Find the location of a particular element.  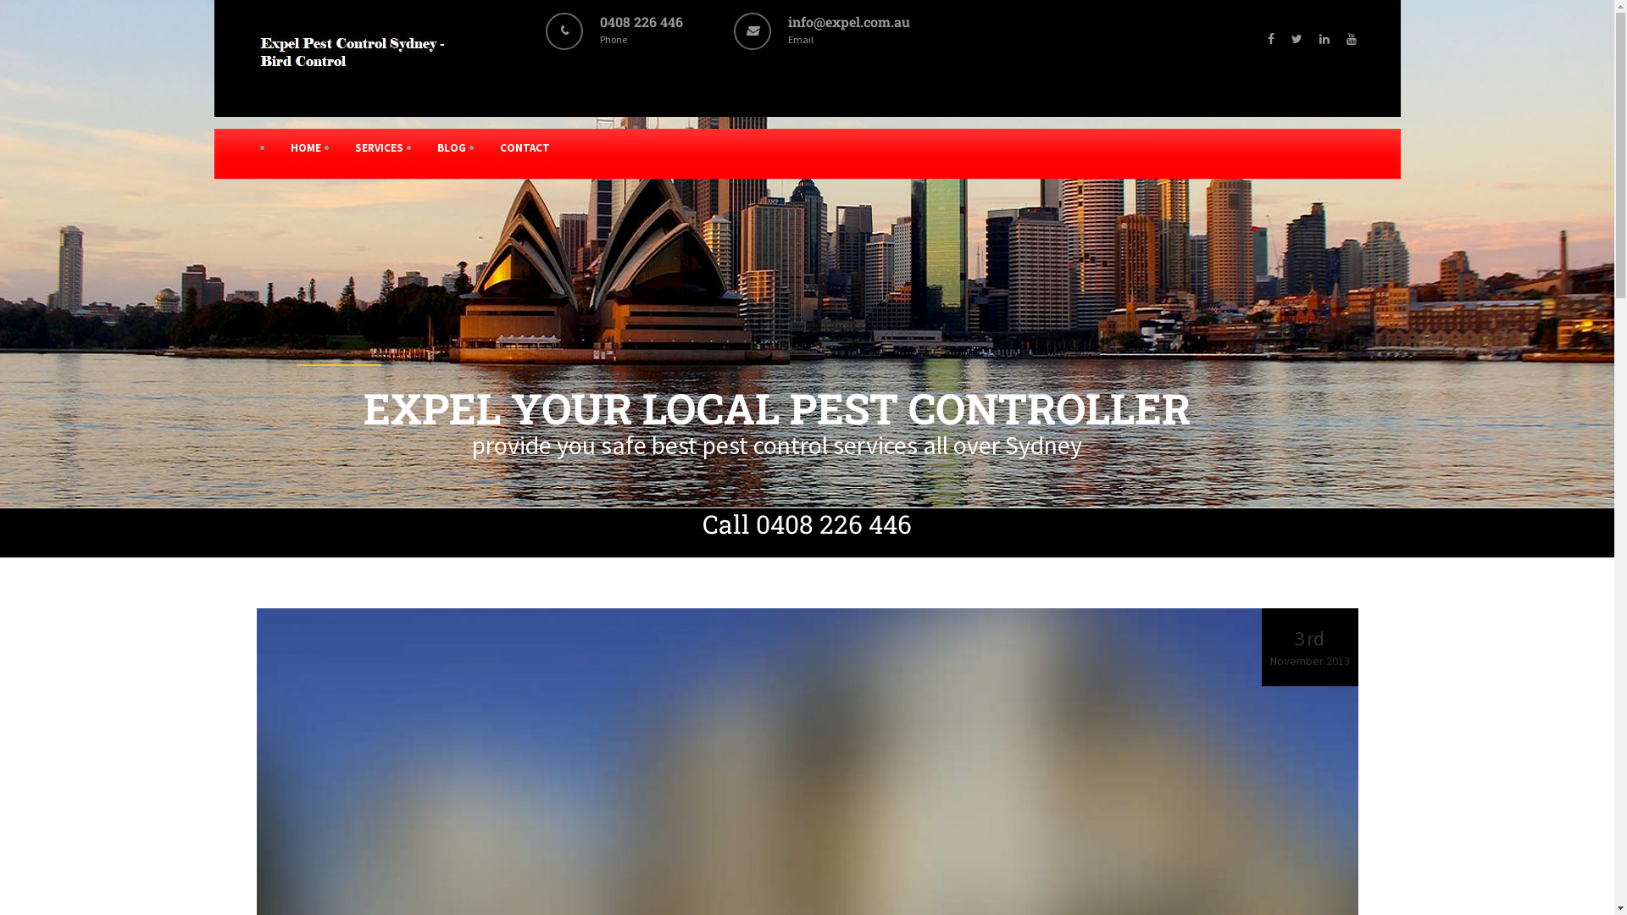

'HOME' is located at coordinates (305, 147).